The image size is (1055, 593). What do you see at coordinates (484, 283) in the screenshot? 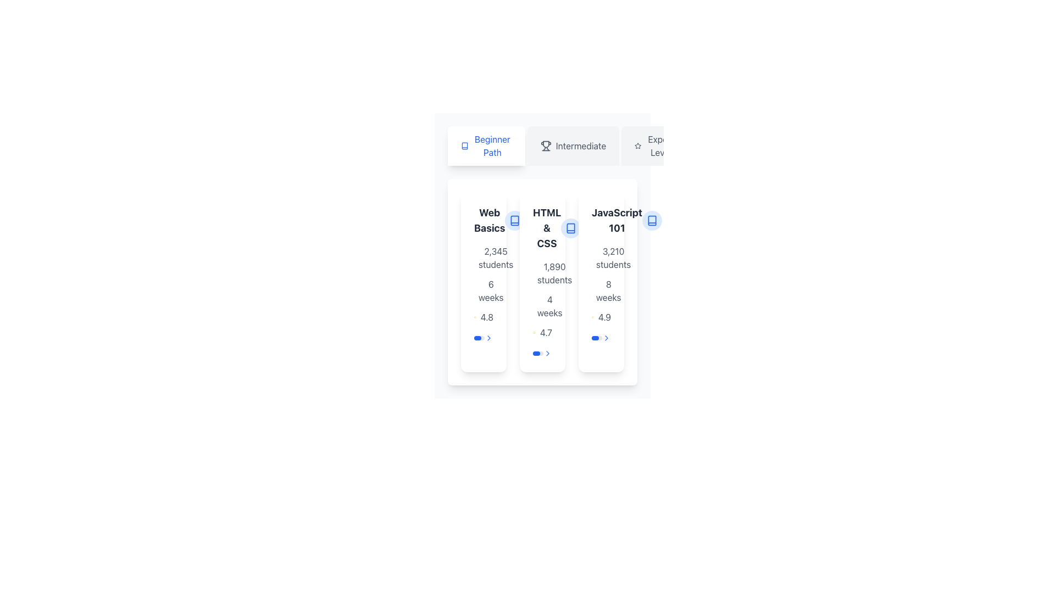
I see `the informational text block containing '2,345 students', '6 weeks', and '4.8' located below the header 'Web Basics' for potential tooltips or further context` at bounding box center [484, 283].